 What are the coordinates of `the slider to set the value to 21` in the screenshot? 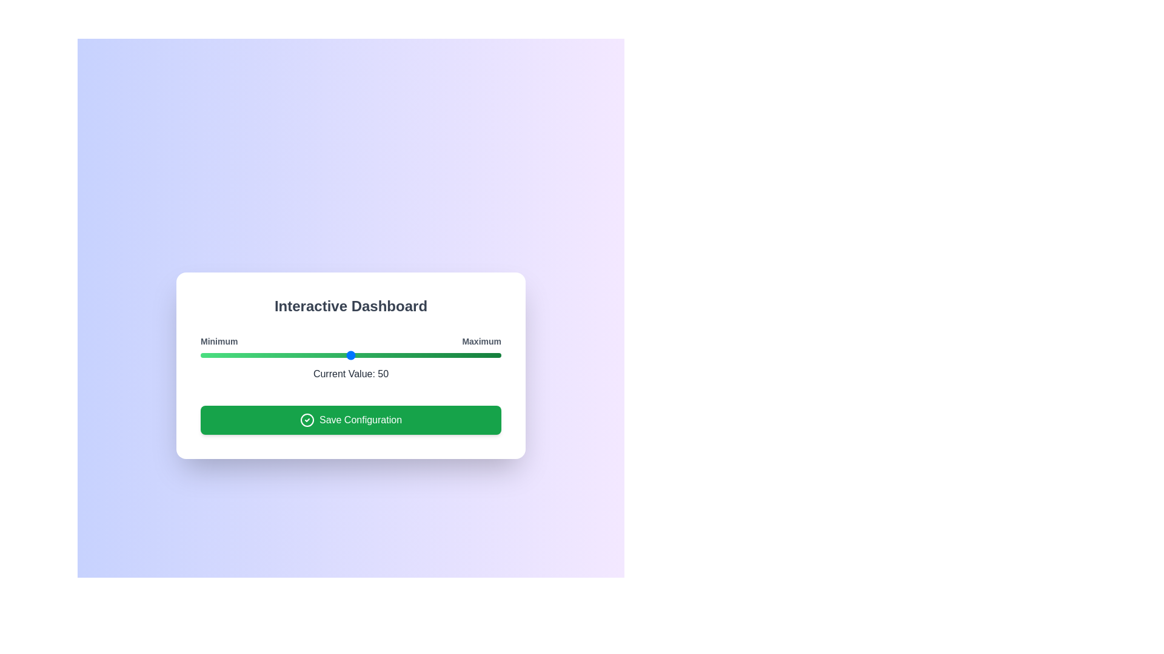 It's located at (263, 354).